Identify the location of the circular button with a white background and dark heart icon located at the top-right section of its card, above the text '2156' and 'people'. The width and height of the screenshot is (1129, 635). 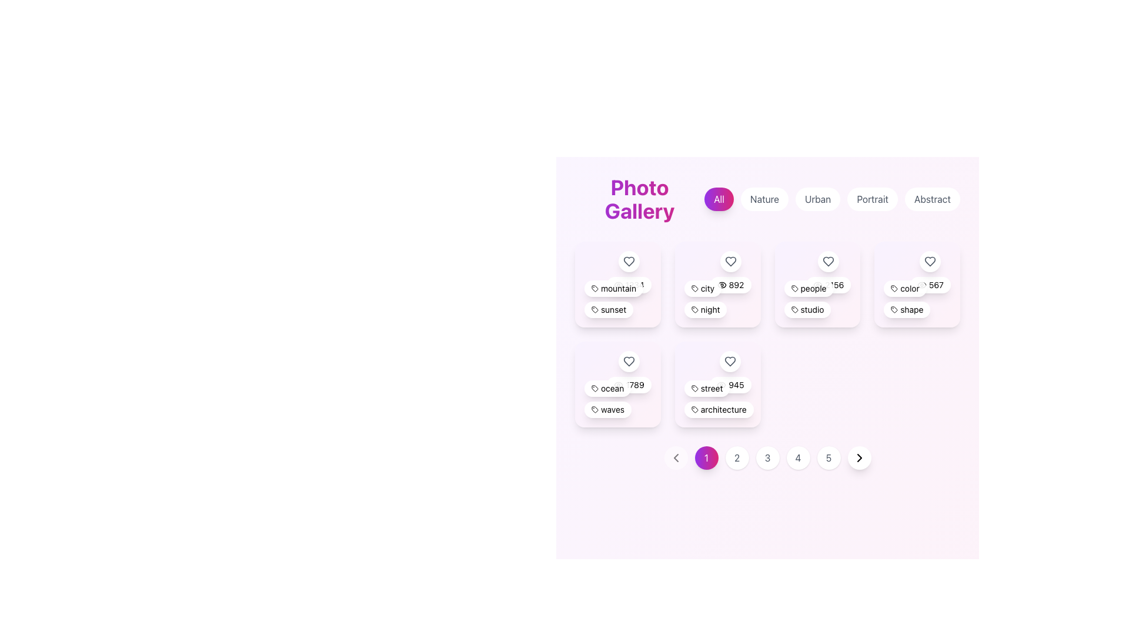
(828, 272).